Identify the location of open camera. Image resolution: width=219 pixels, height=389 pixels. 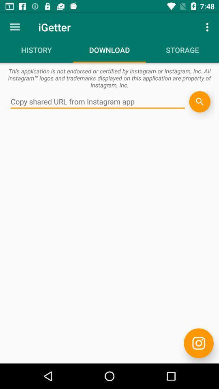
(198, 343).